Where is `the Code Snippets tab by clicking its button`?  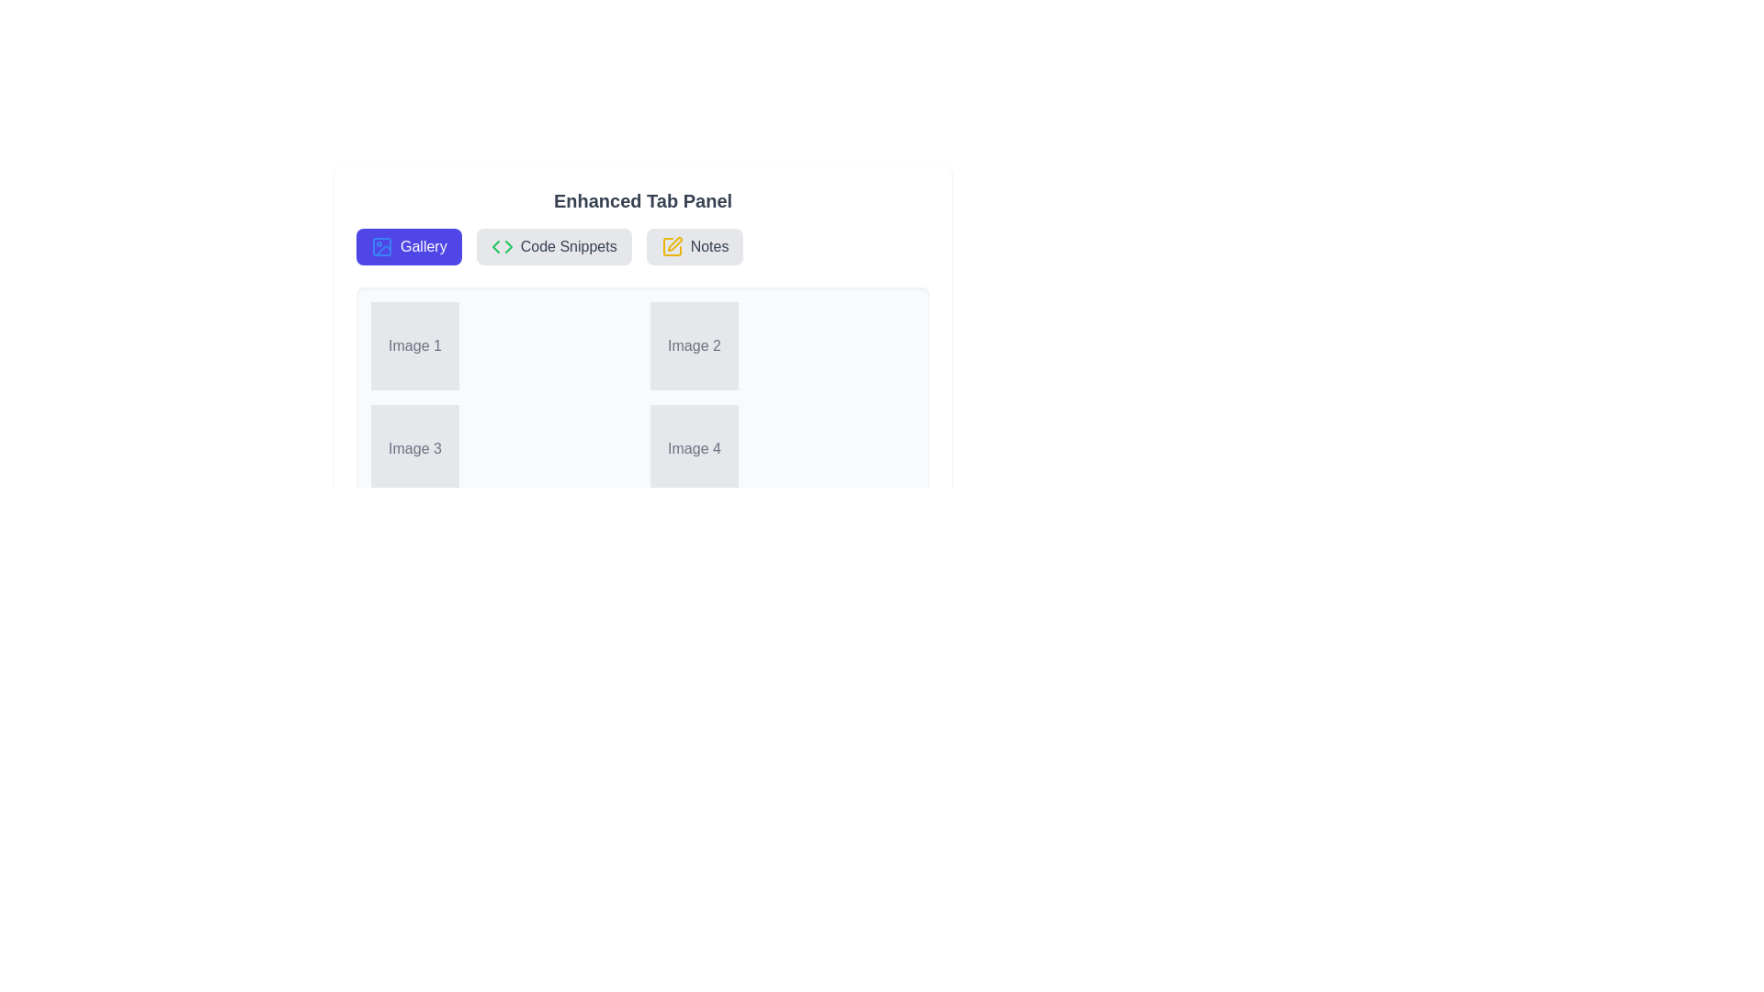 the Code Snippets tab by clicking its button is located at coordinates (553, 246).